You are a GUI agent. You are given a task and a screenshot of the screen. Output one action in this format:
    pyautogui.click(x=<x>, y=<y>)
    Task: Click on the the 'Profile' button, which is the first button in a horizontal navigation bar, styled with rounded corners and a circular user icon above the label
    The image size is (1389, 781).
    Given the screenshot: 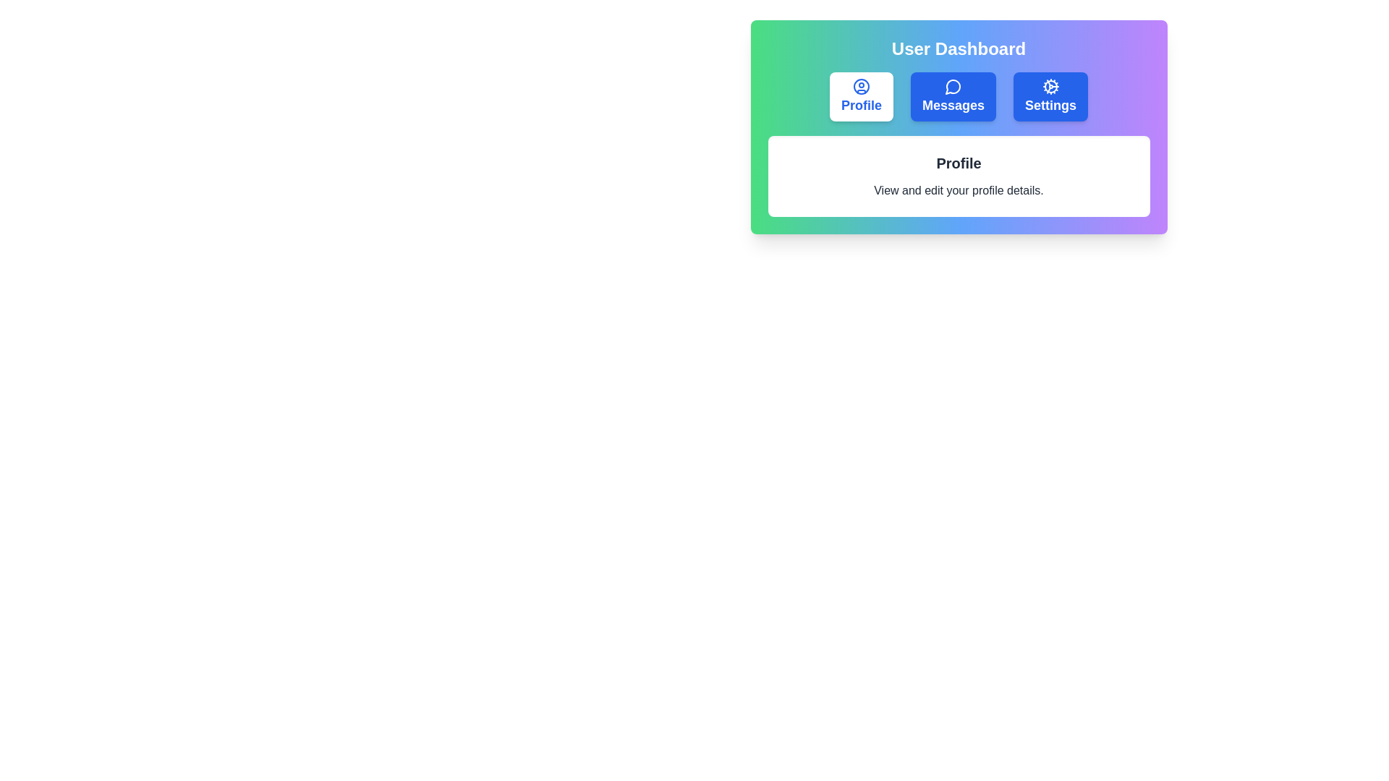 What is the action you would take?
    pyautogui.click(x=861, y=97)
    